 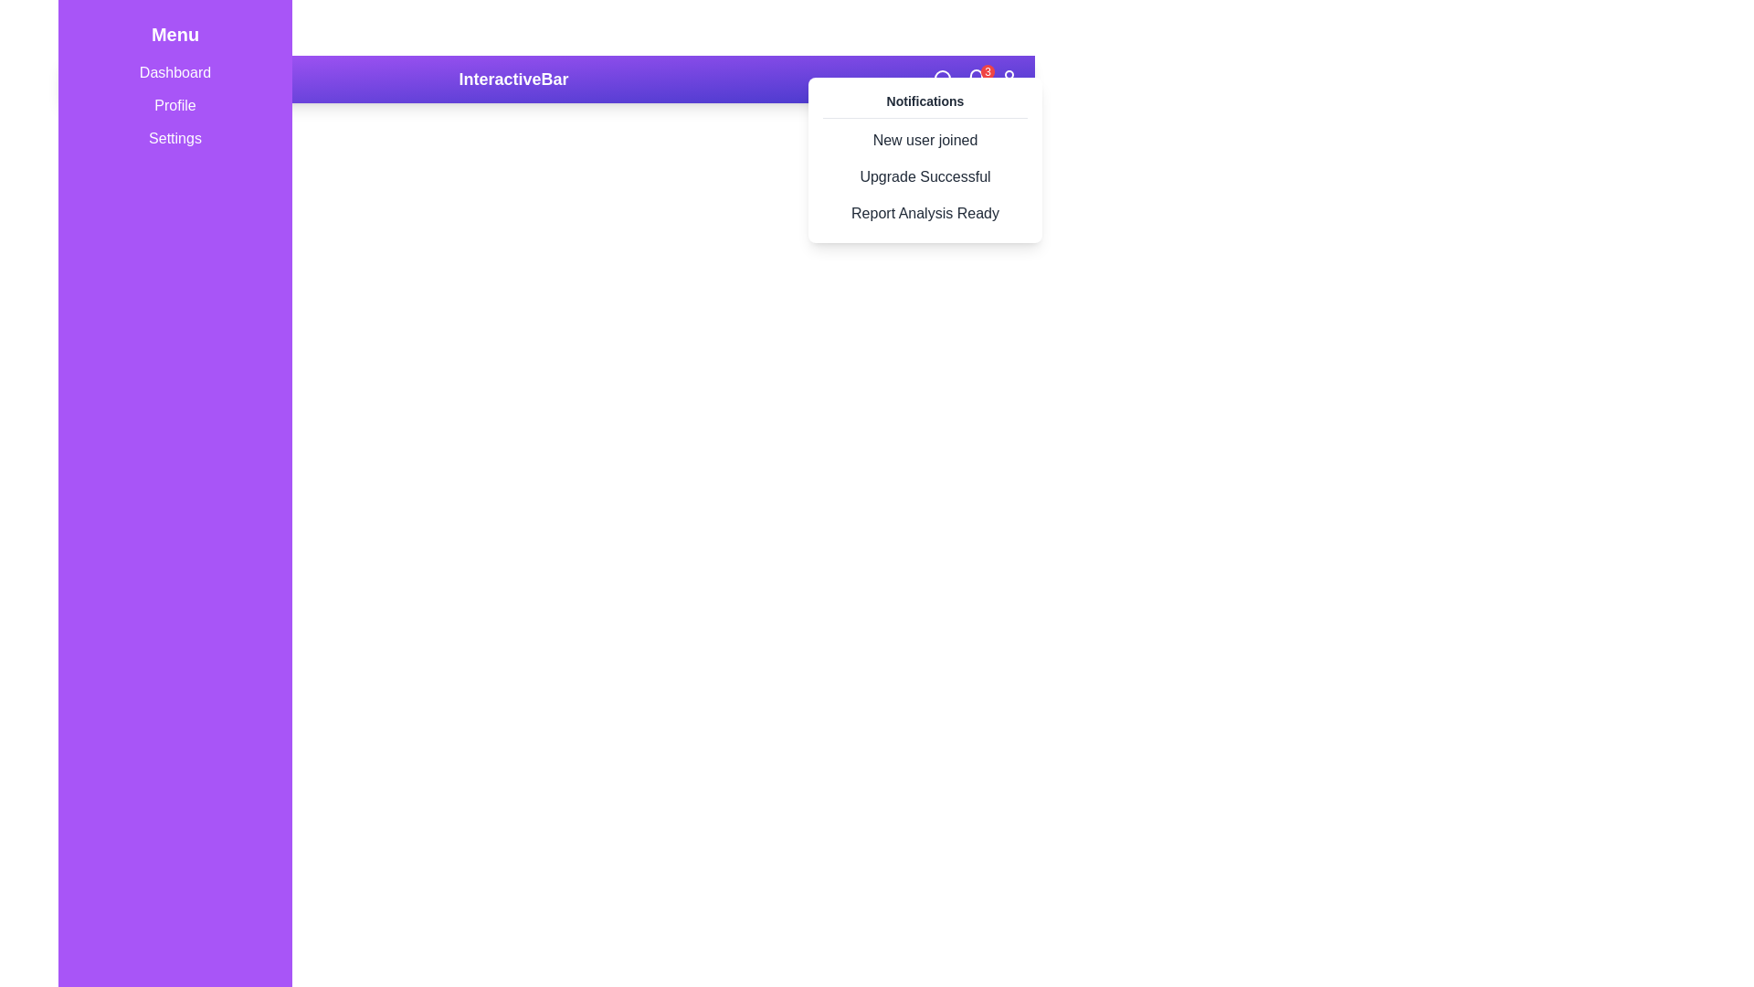 I want to click on the 'Dashboard' text label, which has a purple background and white text, located at the top of the sidebar menu on the left side of the interface, so click(x=175, y=72).